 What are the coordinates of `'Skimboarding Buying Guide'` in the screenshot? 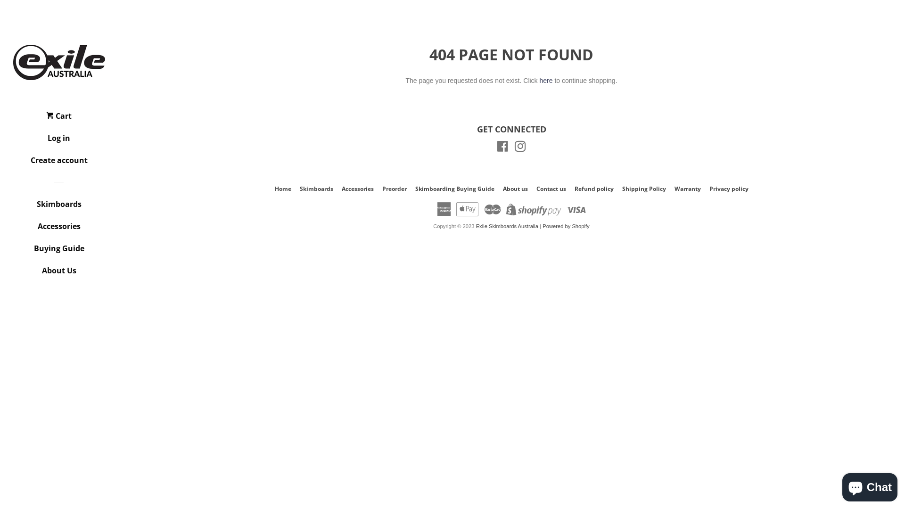 It's located at (454, 189).